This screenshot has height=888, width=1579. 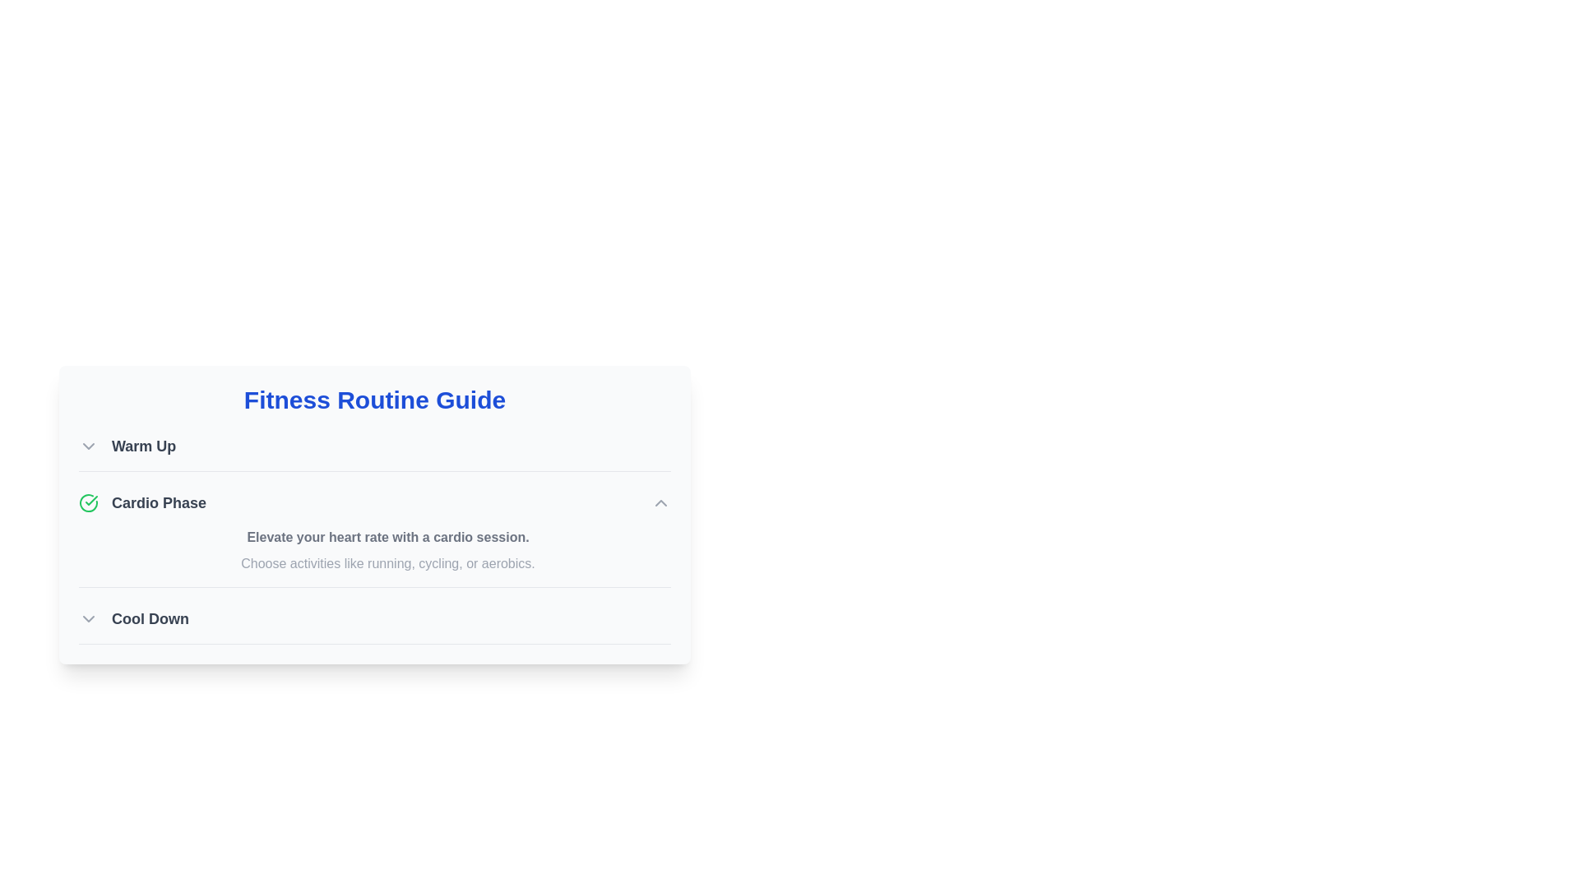 I want to click on the 'Cool Down' label, which indicates a section in the interface and is aligned horizontally with an icon on its left, so click(x=150, y=618).